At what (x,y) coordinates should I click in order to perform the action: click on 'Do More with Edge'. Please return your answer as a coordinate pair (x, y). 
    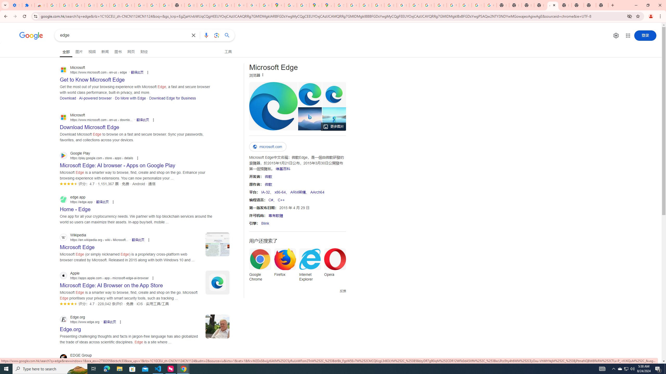
    Looking at the image, I should click on (130, 98).